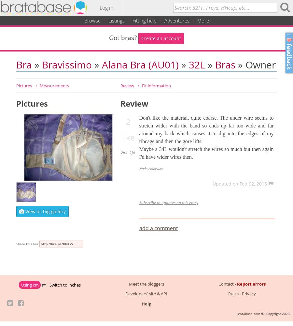 The height and width of the screenshot is (326, 293). I want to click on 'Log in', so click(106, 8).